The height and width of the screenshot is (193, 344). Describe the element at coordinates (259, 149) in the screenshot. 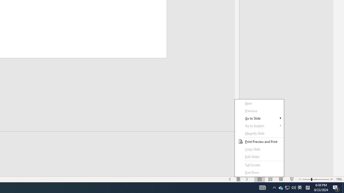

I see `'Copy Slide'` at that location.